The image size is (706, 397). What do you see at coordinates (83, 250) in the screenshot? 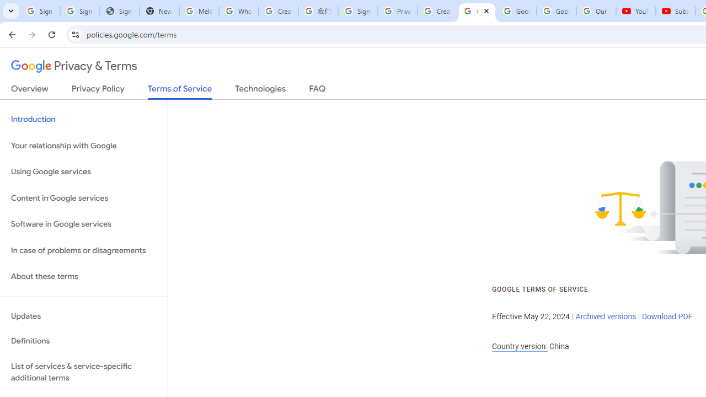
I see `'In case of problems or disagreements'` at bounding box center [83, 250].